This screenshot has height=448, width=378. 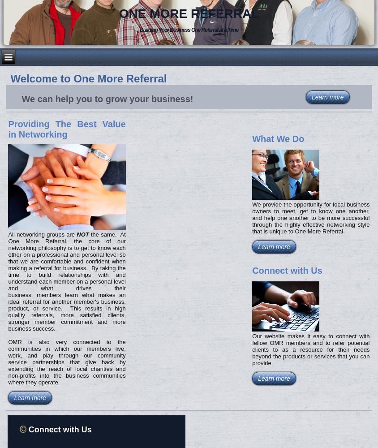 I want to click on 'ONE MORE REFERRAL', so click(x=189, y=13).